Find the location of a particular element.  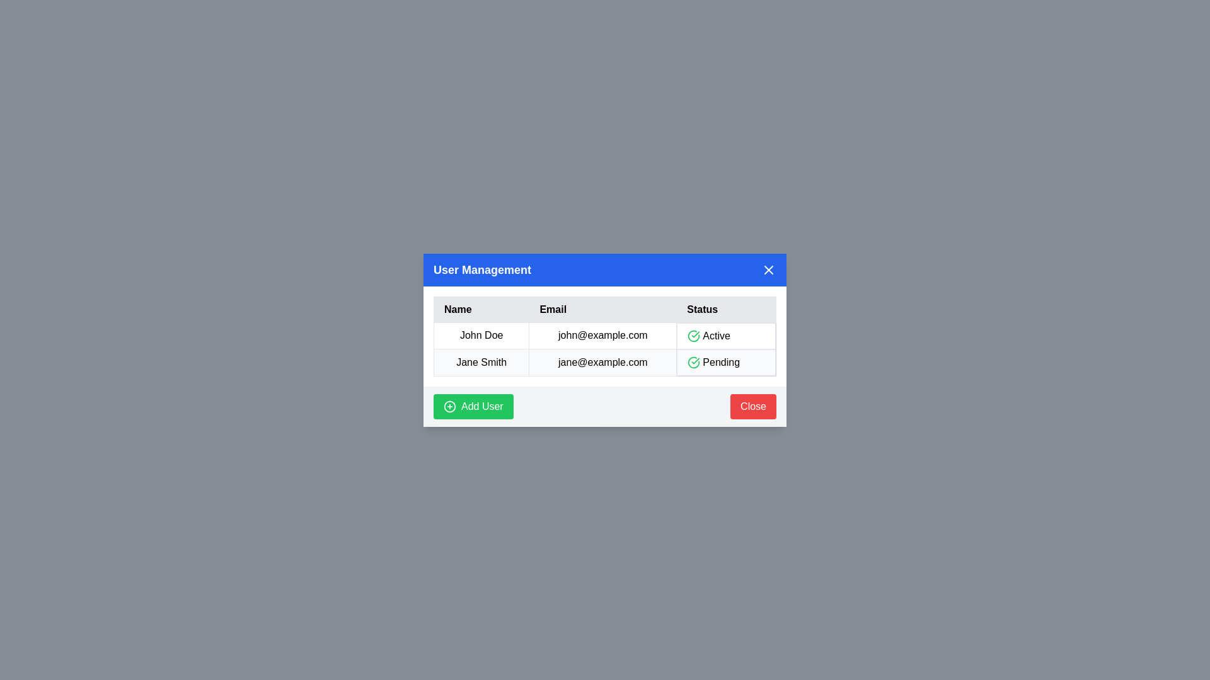

the table row corresponding to John Doe to view their details is located at coordinates (481, 335).